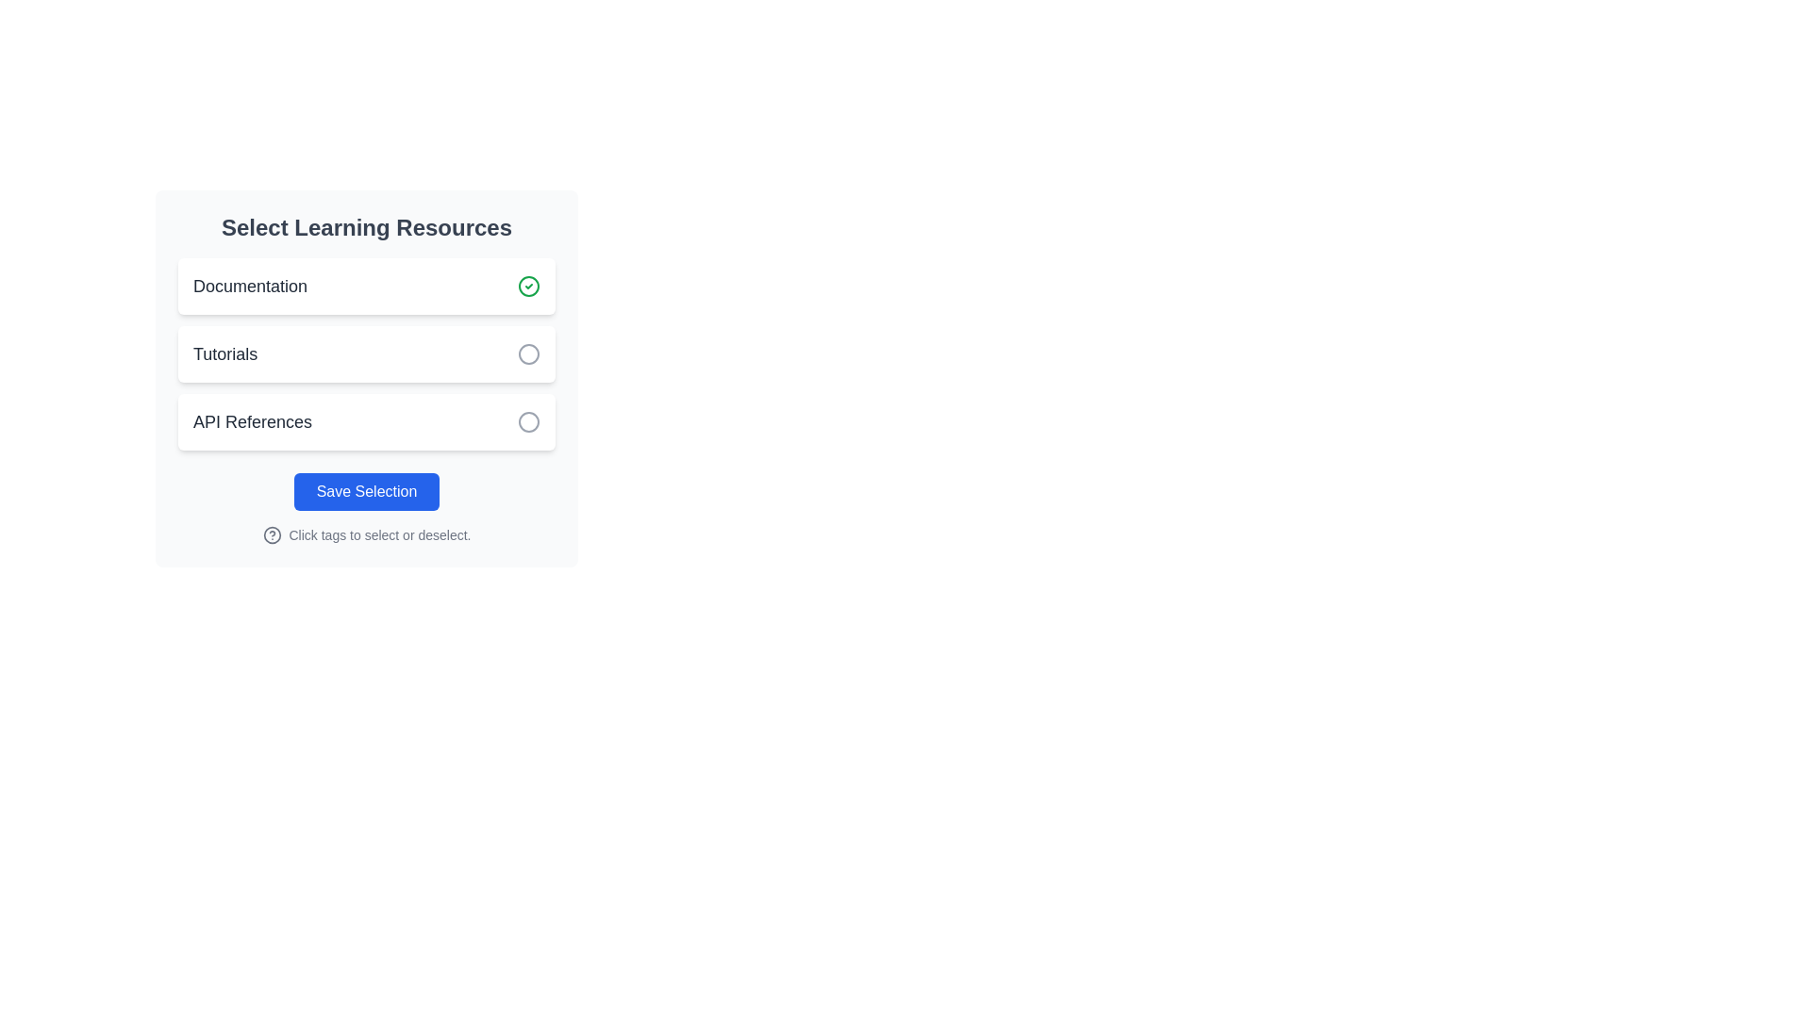 The image size is (1811, 1018). What do you see at coordinates (528, 287) in the screenshot?
I see `the SVG circle element that represents the circular component of the check icon next to the 'Documentation' option` at bounding box center [528, 287].